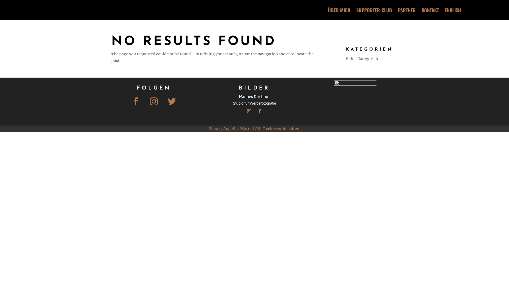 The height and width of the screenshot is (286, 509). I want to click on 'Follow on Instagram', so click(249, 111).